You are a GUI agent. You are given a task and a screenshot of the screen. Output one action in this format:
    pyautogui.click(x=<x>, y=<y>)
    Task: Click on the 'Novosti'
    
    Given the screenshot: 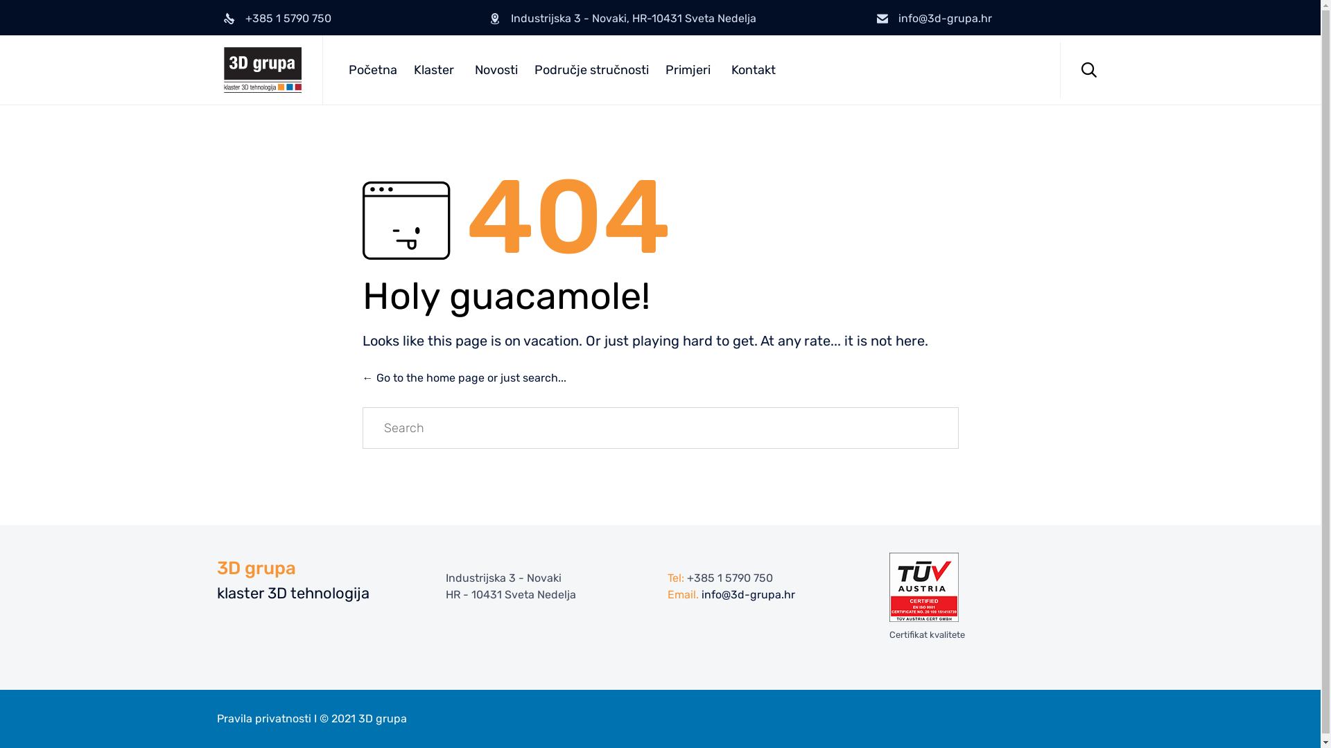 What is the action you would take?
    pyautogui.click(x=496, y=69)
    